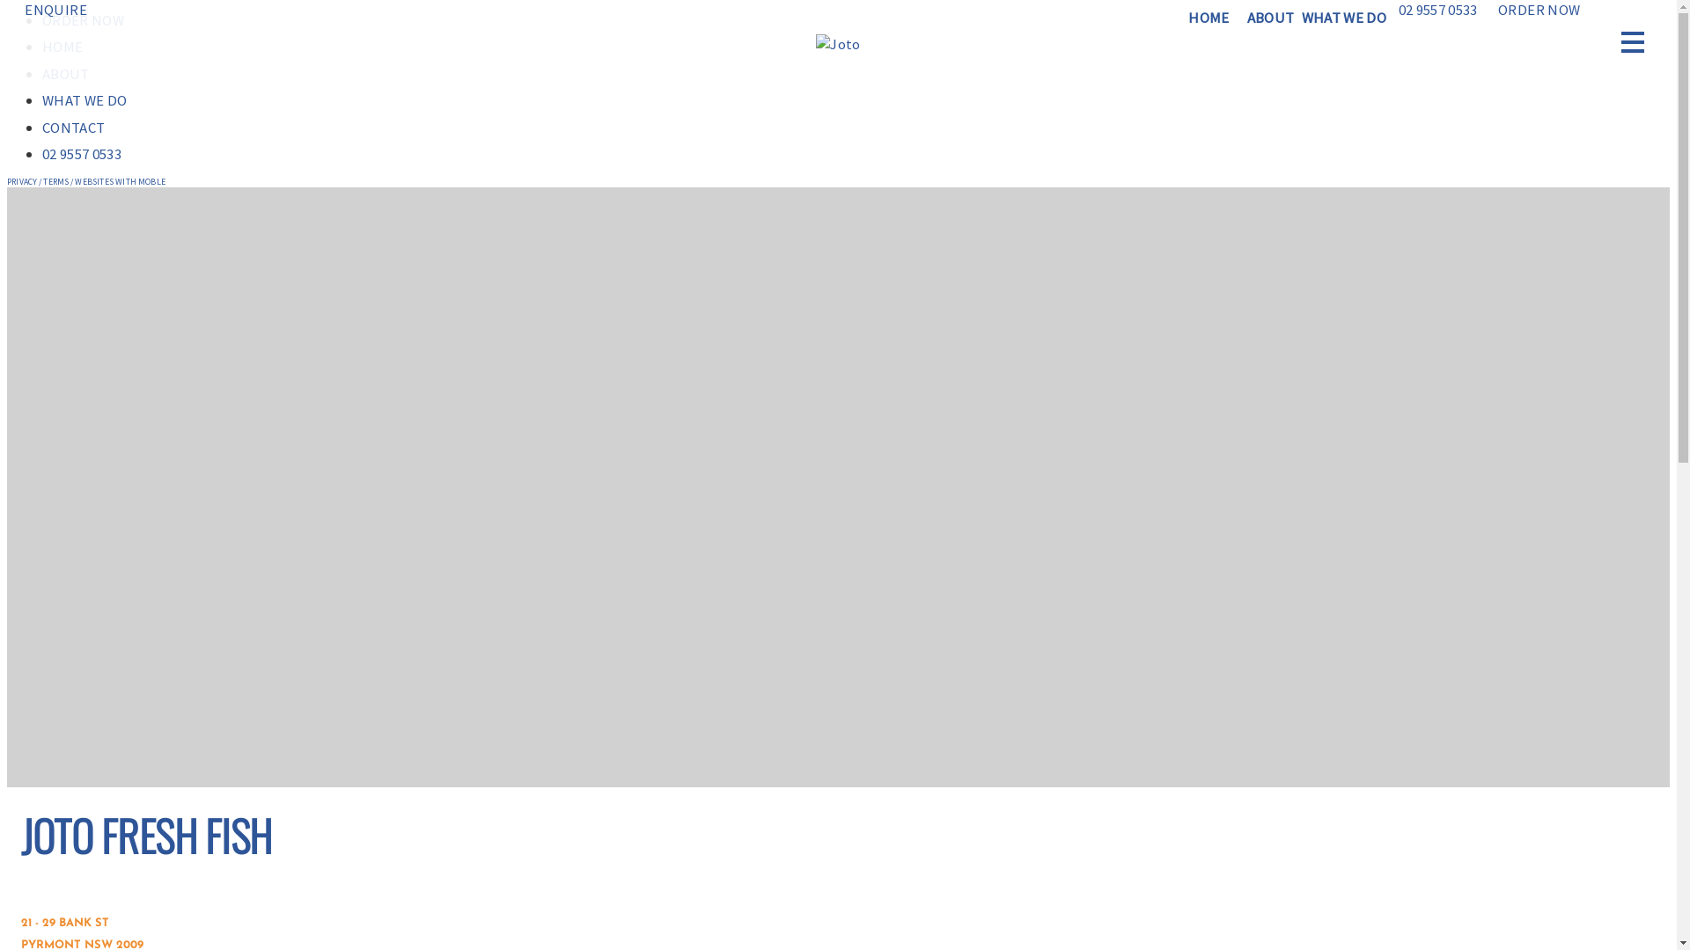 Image resolution: width=1690 pixels, height=950 pixels. I want to click on 'HOME', so click(1207, 17).